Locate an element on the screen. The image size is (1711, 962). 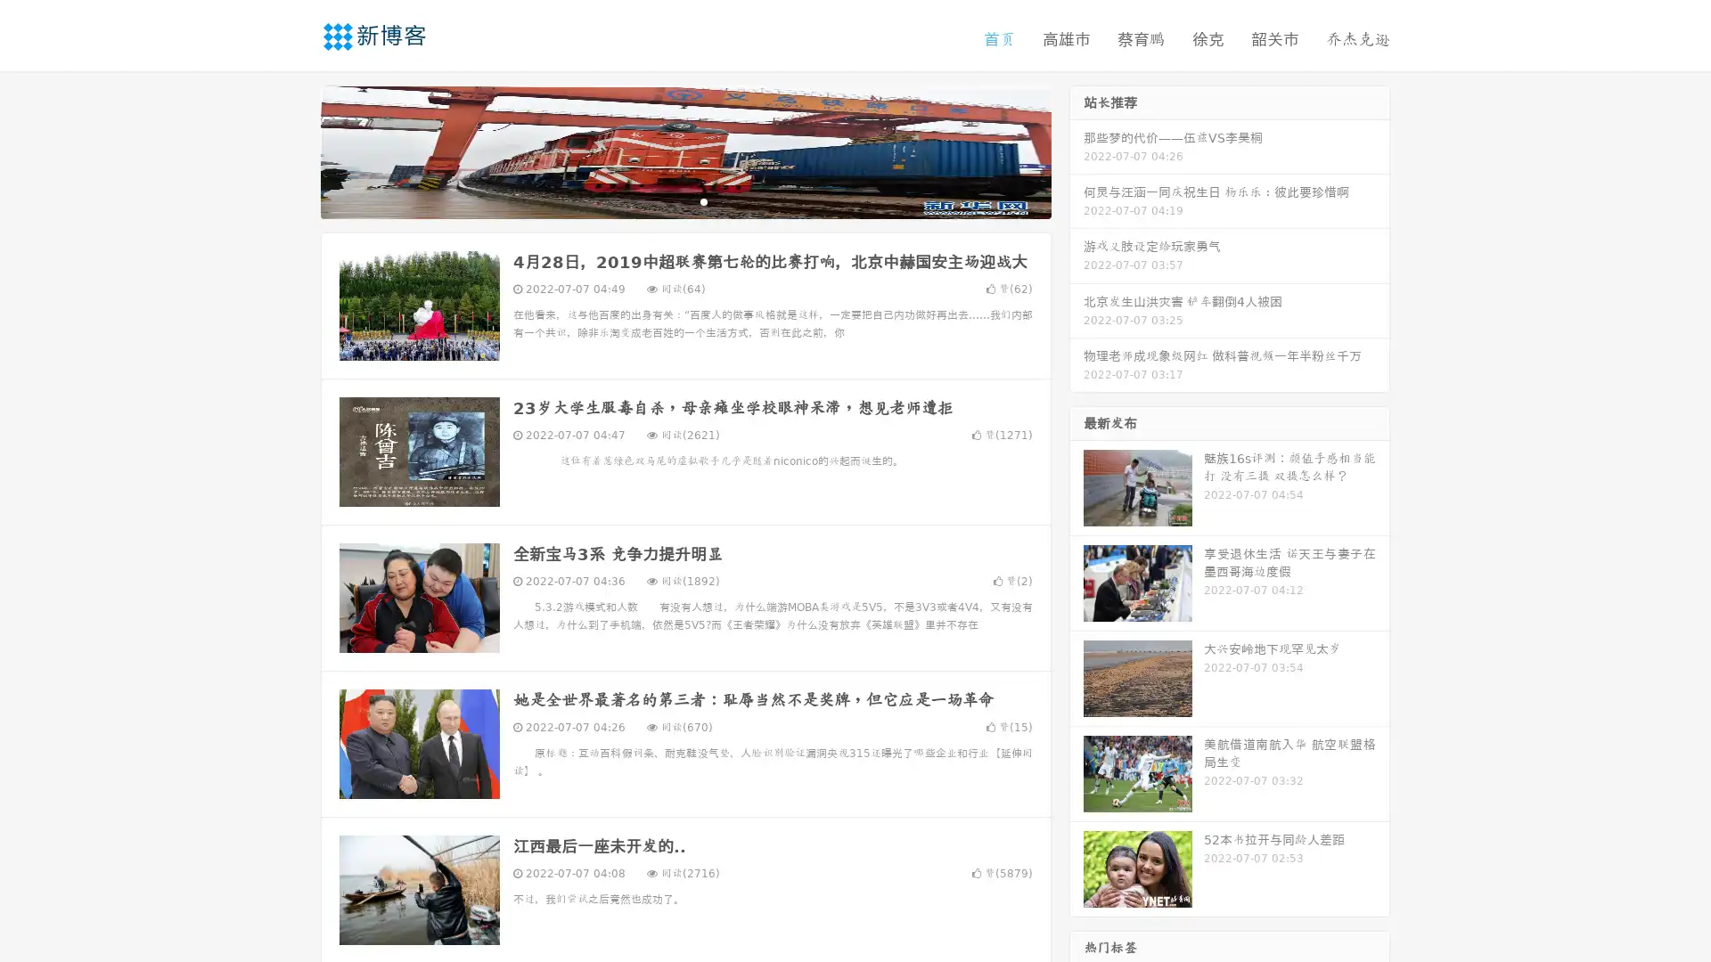
Go to slide 2 is located at coordinates (684, 200).